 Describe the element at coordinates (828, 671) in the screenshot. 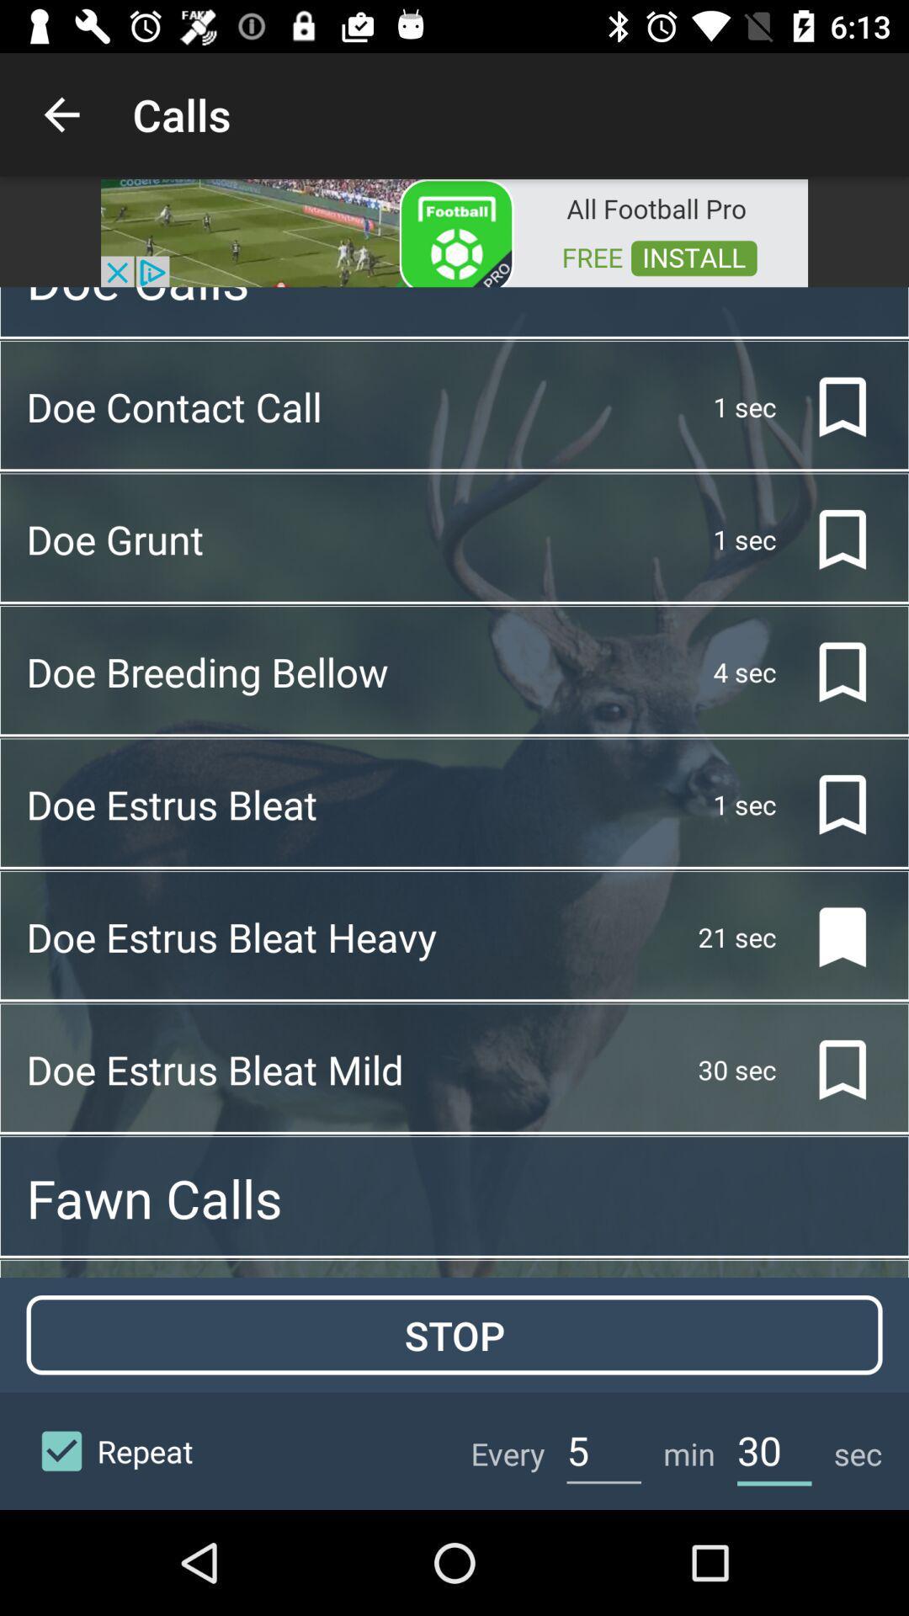

I see `the bookmark icon` at that location.